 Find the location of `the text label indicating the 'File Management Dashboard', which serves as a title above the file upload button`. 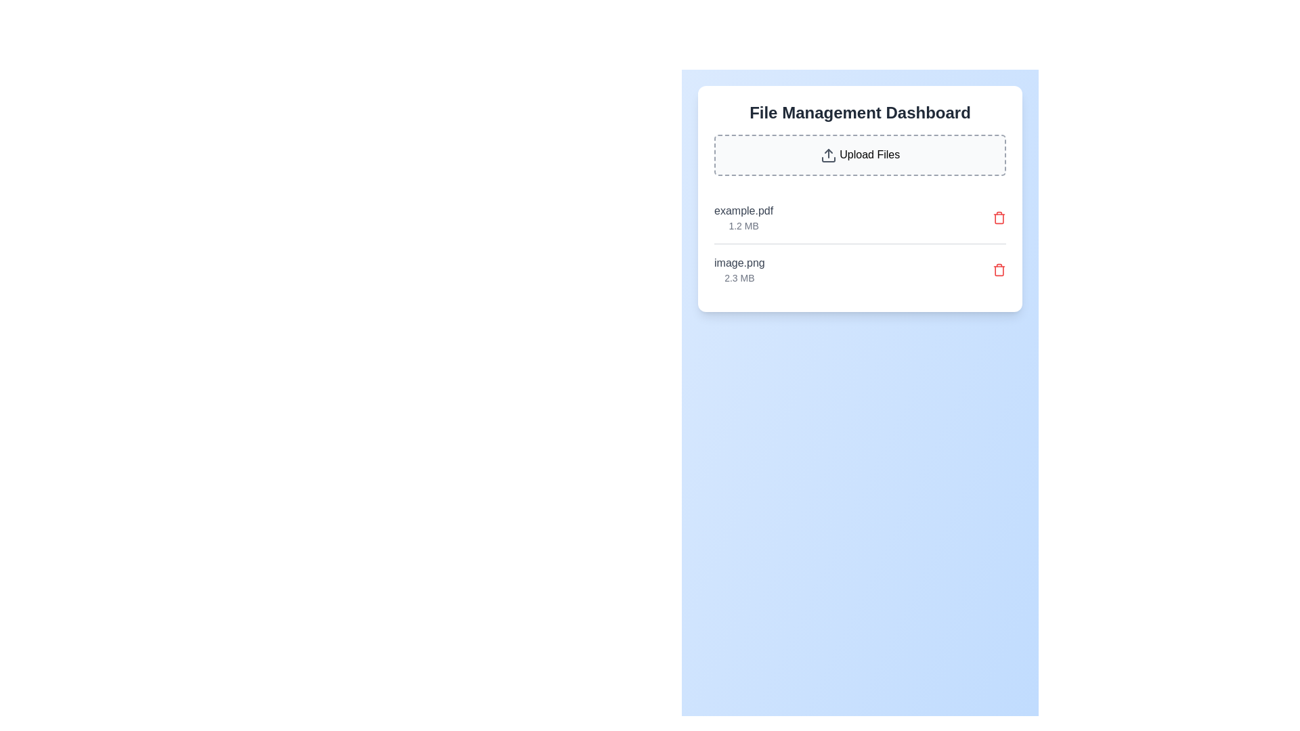

the text label indicating the 'File Management Dashboard', which serves as a title above the file upload button is located at coordinates (859, 112).